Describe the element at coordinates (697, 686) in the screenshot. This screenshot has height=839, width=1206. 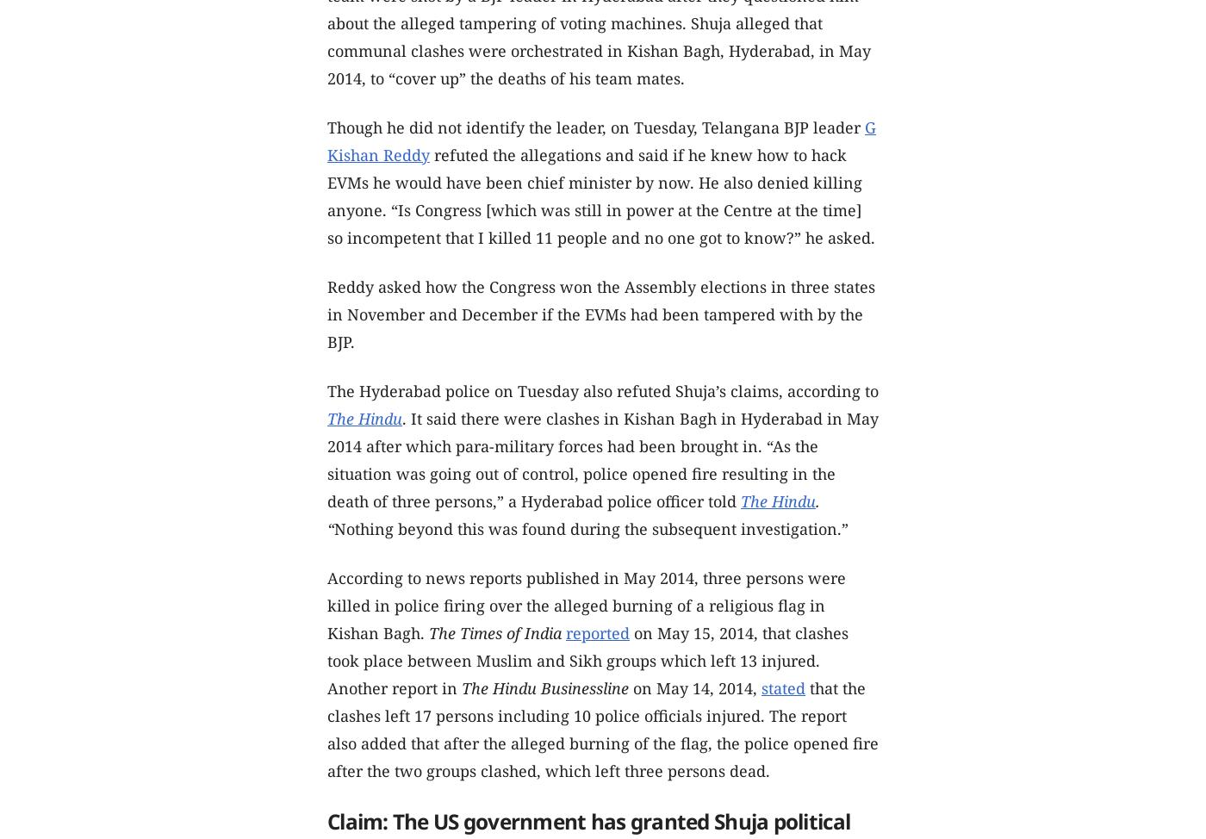
I see `'on May 14, 2014,'` at that location.